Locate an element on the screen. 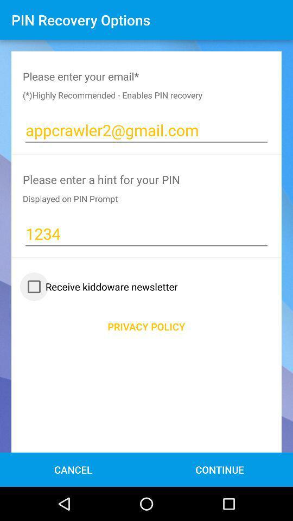  icon below displayed on pin icon is located at coordinates (146, 233).